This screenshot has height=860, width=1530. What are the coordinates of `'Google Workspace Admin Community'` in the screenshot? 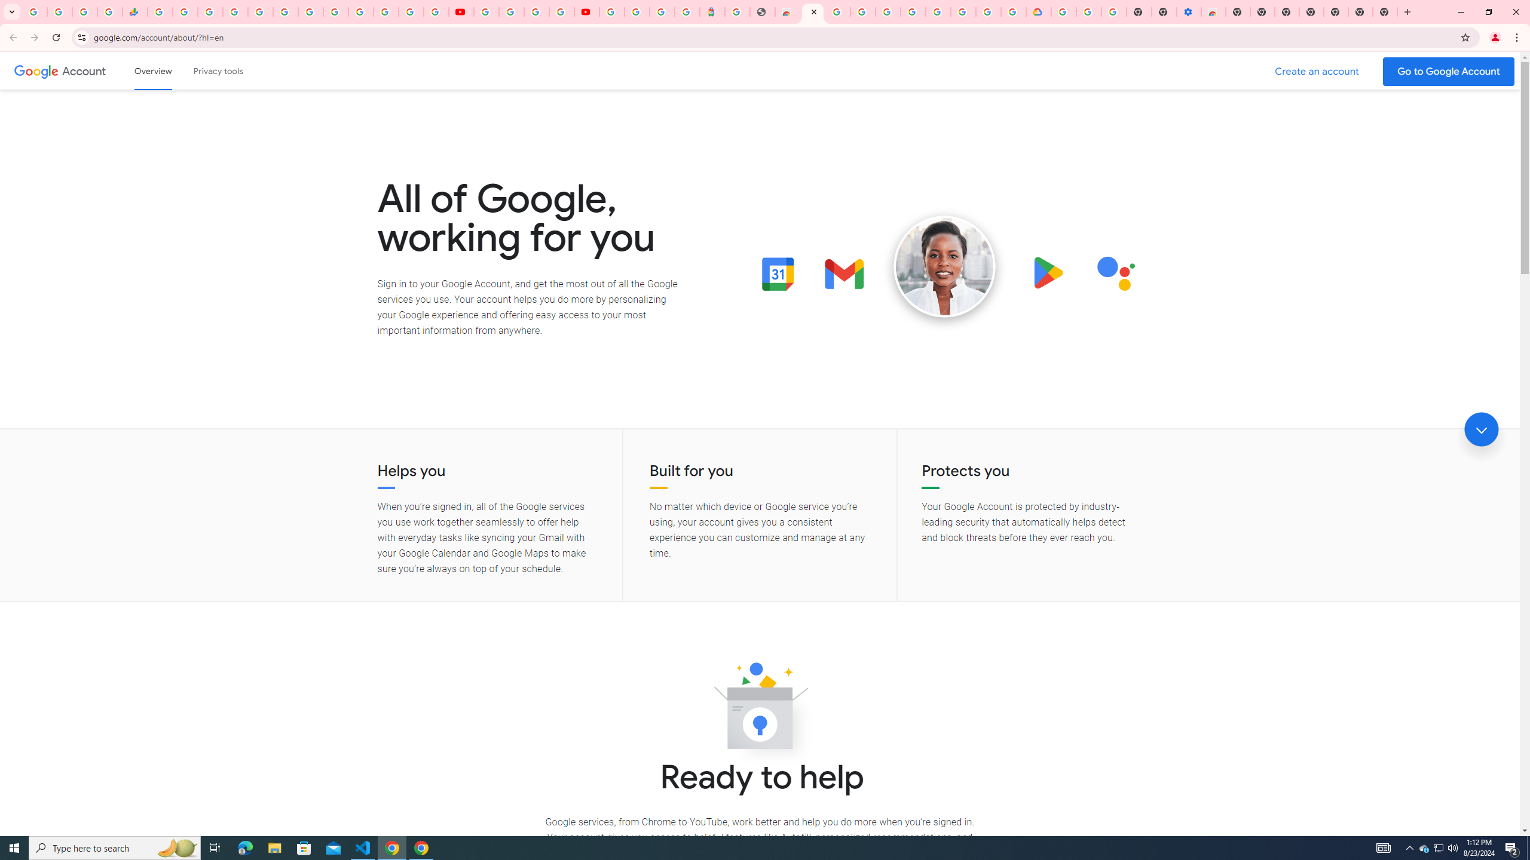 It's located at (34, 11).